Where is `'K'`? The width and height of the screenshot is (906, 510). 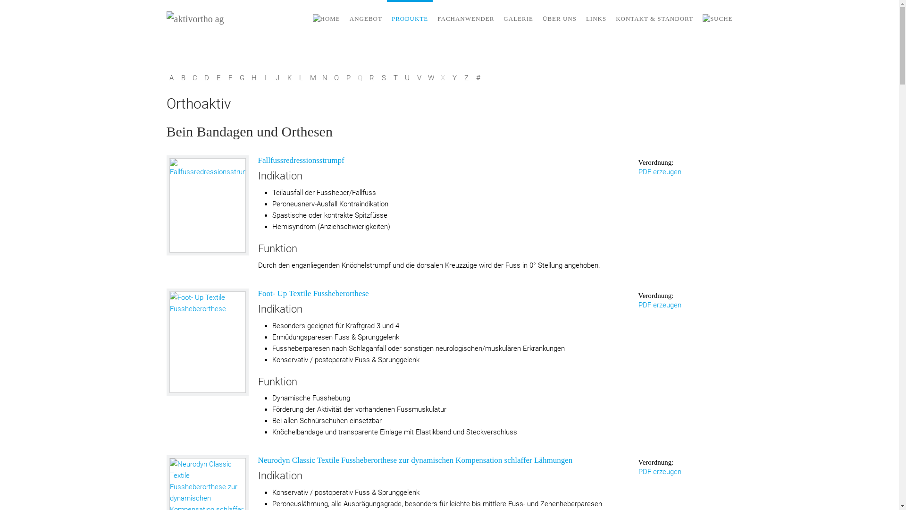
'K' is located at coordinates (283, 77).